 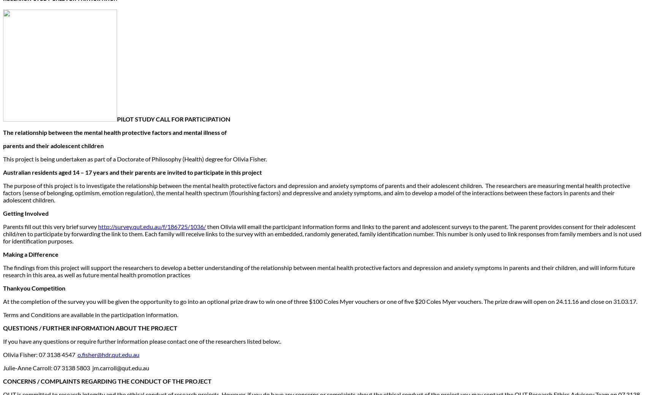 What do you see at coordinates (34, 288) in the screenshot?
I see `'Thankyou Competition'` at bounding box center [34, 288].